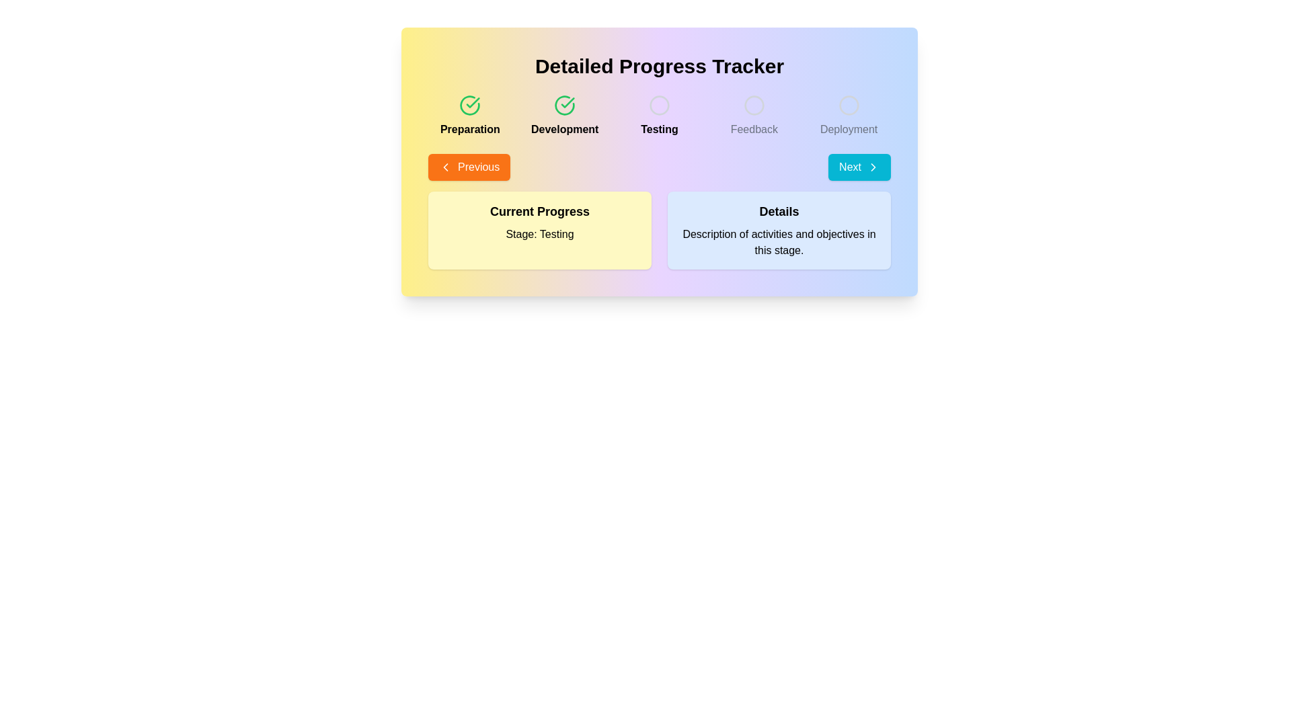 Image resolution: width=1291 pixels, height=726 pixels. I want to click on the circular icon representing the 'Development' stage in the progress tracker at the top of the interface, so click(568, 102).